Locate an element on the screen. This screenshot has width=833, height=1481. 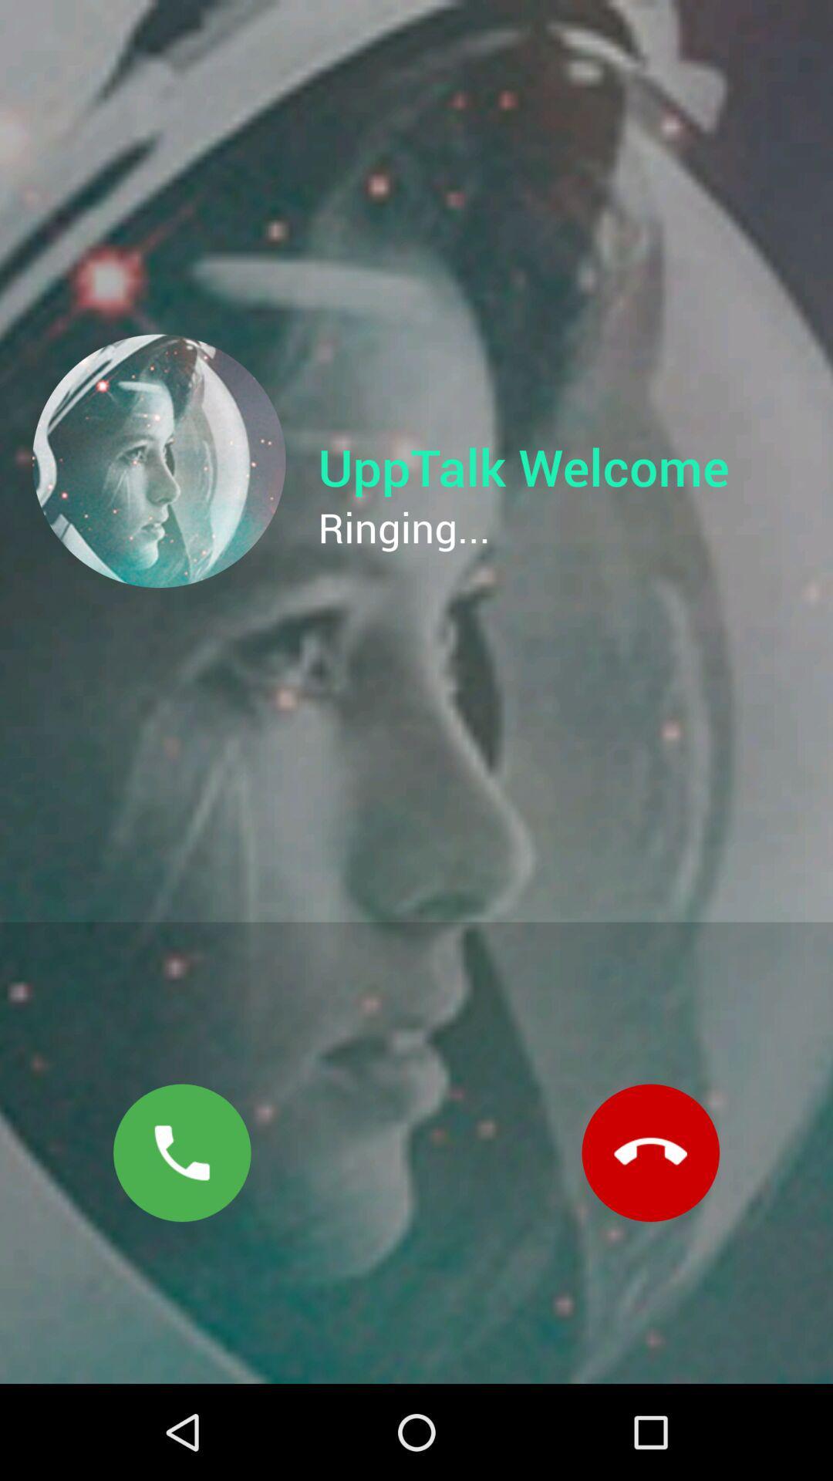
call is located at coordinates (181, 1152).